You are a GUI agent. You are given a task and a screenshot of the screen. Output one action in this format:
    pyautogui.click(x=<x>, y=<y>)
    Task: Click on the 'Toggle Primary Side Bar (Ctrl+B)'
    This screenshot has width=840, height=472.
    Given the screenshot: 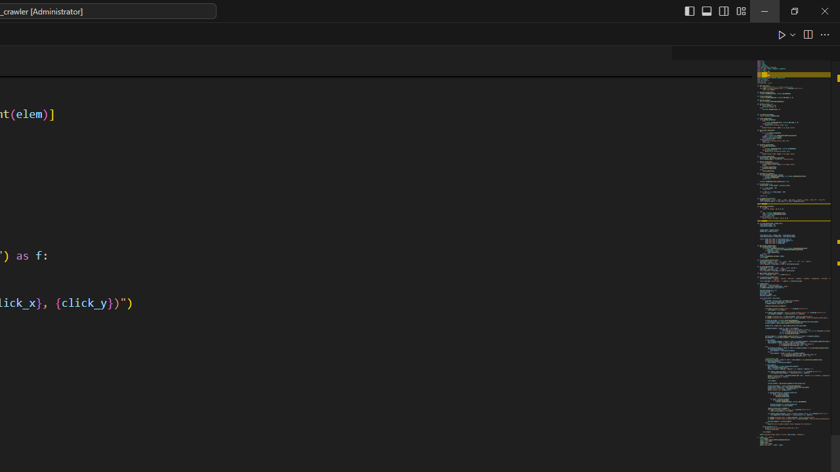 What is the action you would take?
    pyautogui.click(x=688, y=10)
    